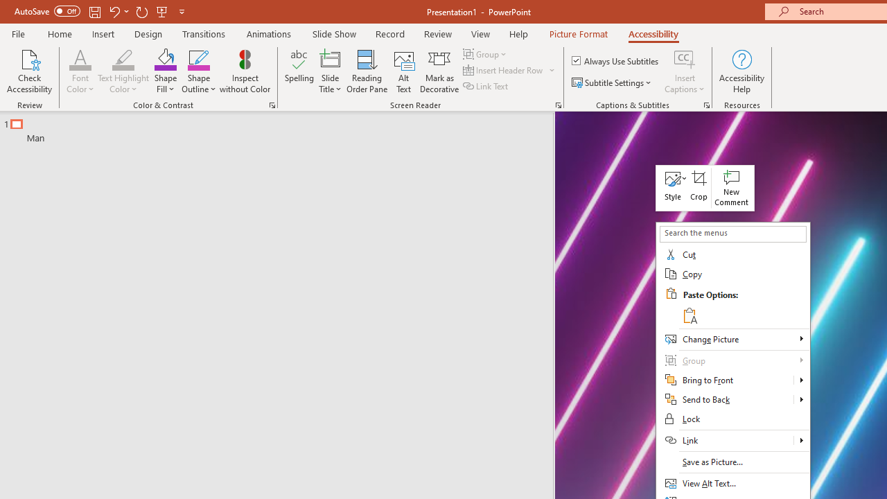  What do you see at coordinates (486, 86) in the screenshot?
I see `'Link Text'` at bounding box center [486, 86].